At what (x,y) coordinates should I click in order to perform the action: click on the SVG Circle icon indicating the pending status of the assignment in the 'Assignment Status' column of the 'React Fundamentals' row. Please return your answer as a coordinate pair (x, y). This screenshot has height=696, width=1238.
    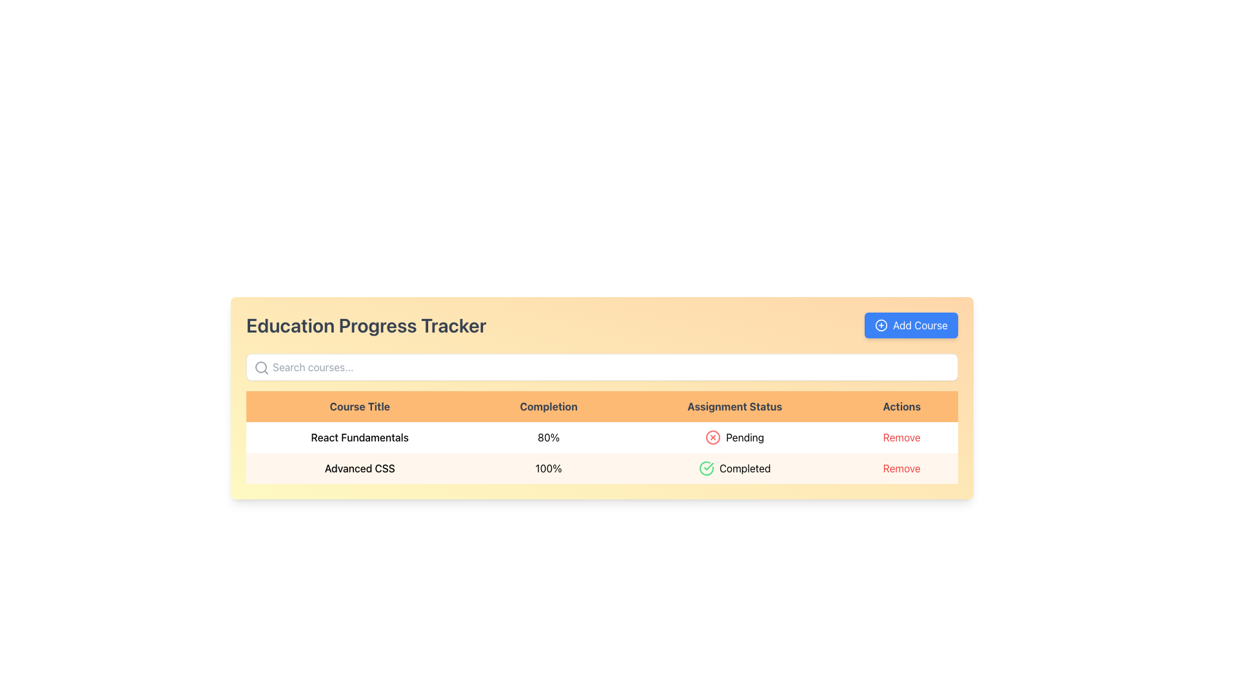
    Looking at the image, I should click on (712, 436).